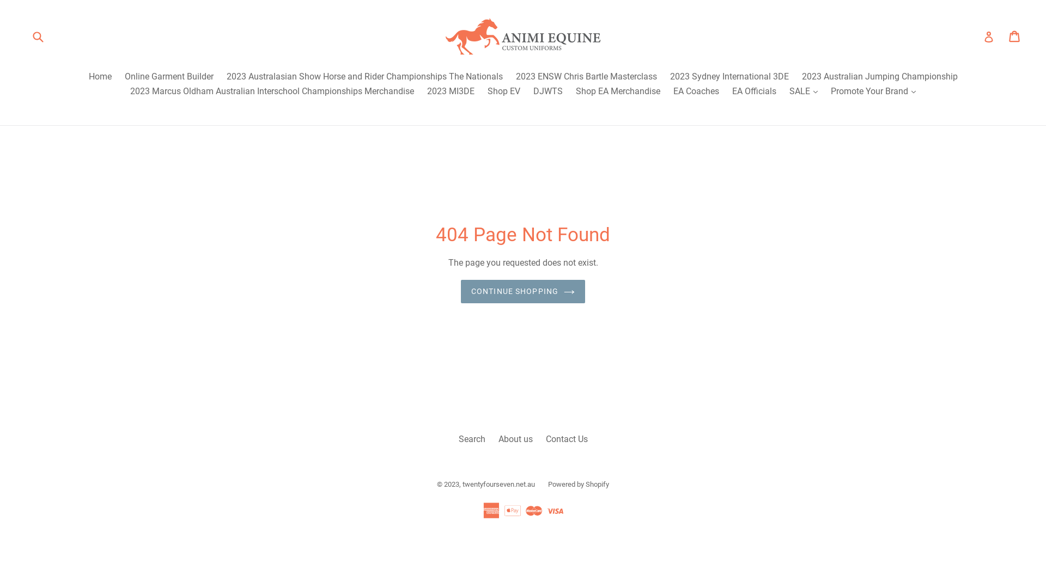 The width and height of the screenshot is (1046, 588). I want to click on 'Shop EA Merchandise', so click(618, 91).